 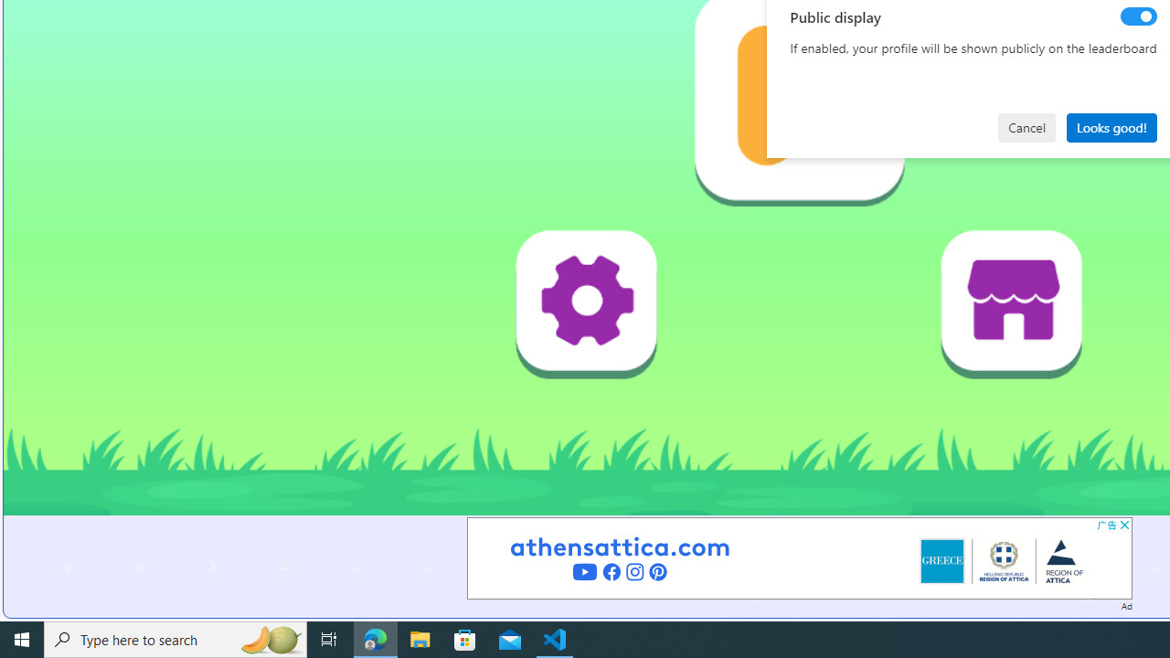 What do you see at coordinates (1111, 126) in the screenshot?
I see `'Looks good!'` at bounding box center [1111, 126].